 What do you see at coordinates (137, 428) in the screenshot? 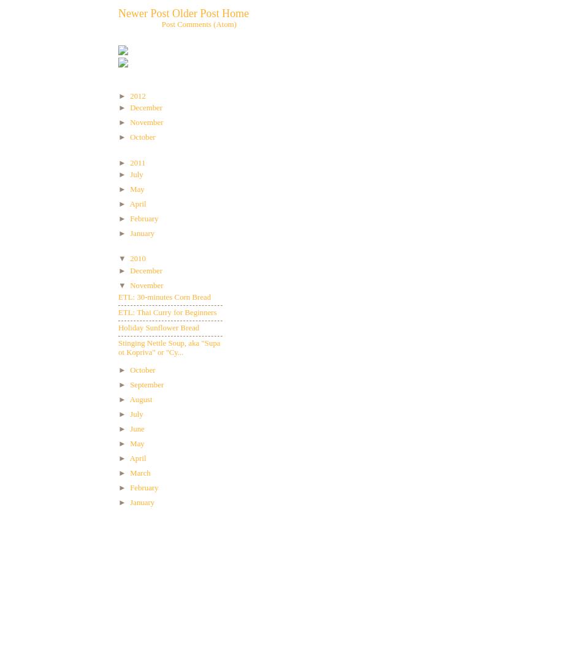
I see `'June'` at bounding box center [137, 428].